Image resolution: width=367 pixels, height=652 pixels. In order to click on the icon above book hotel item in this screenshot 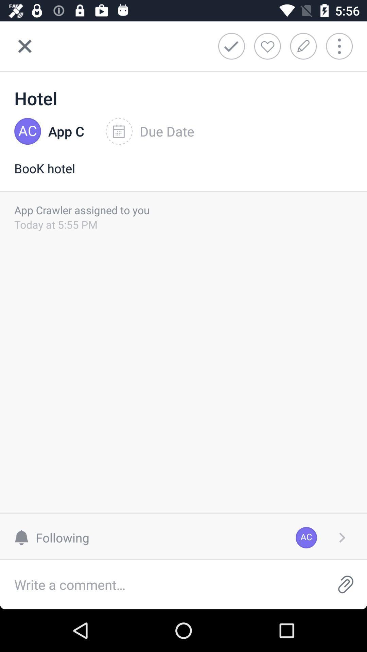, I will do `click(66, 131)`.